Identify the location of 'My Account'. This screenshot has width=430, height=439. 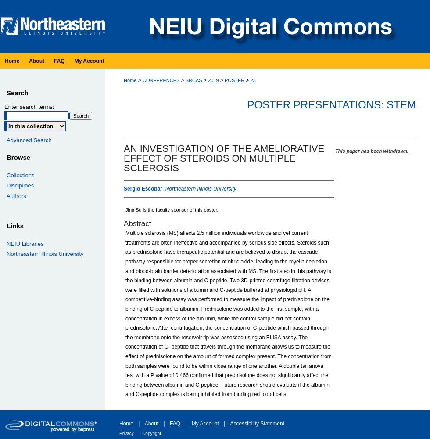
(191, 423).